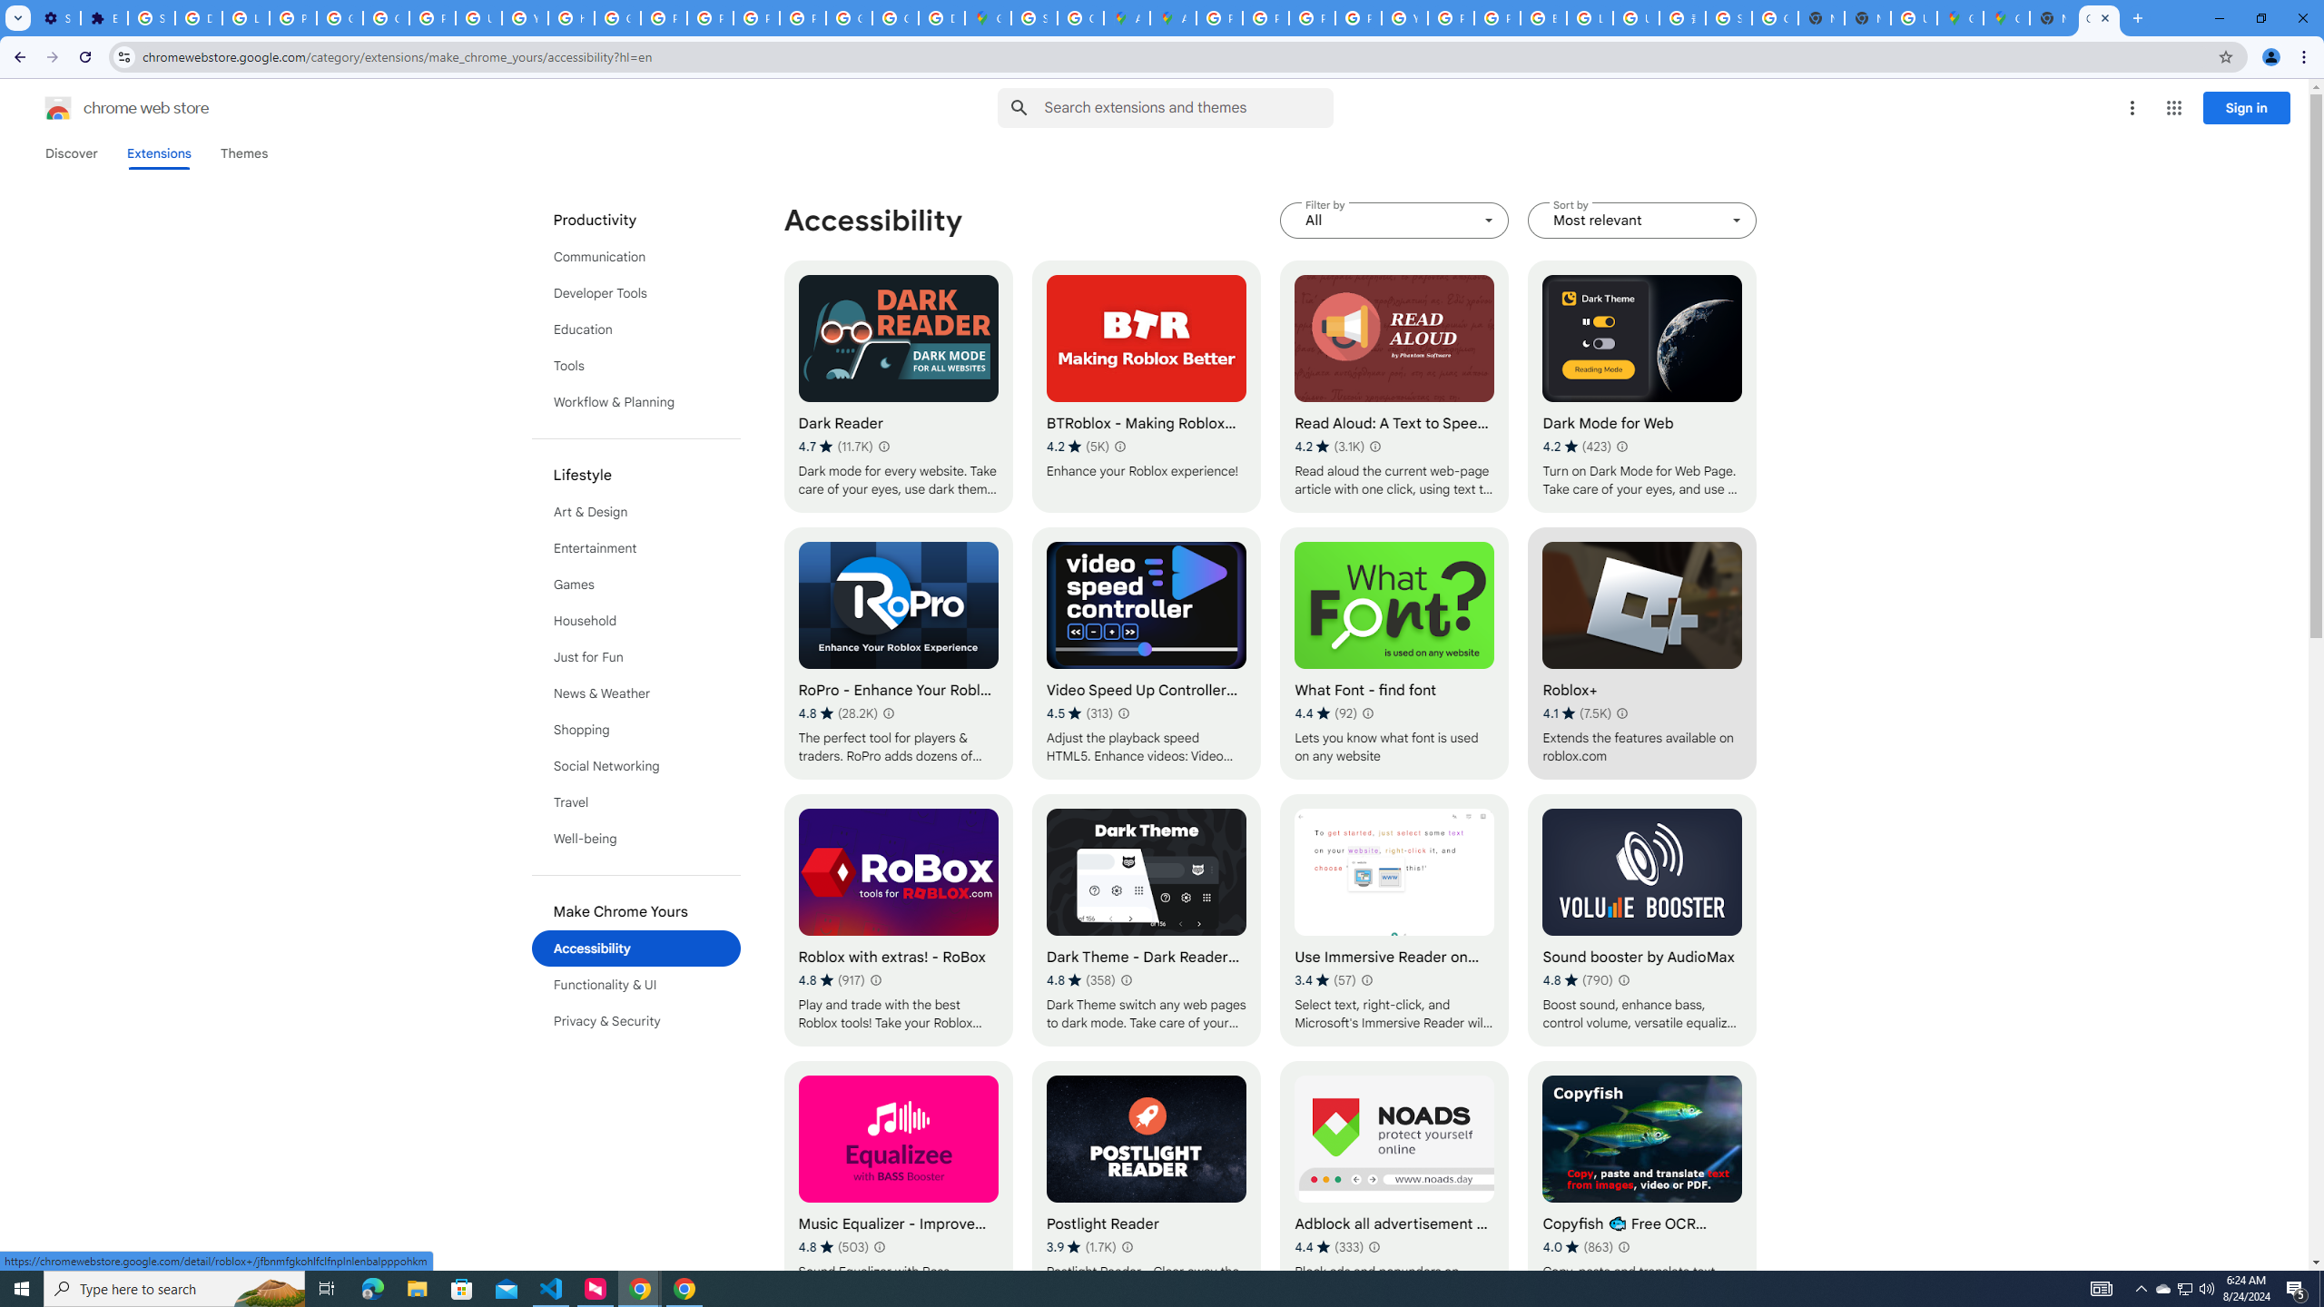  What do you see at coordinates (1394, 653) in the screenshot?
I see `'What Font - find font'` at bounding box center [1394, 653].